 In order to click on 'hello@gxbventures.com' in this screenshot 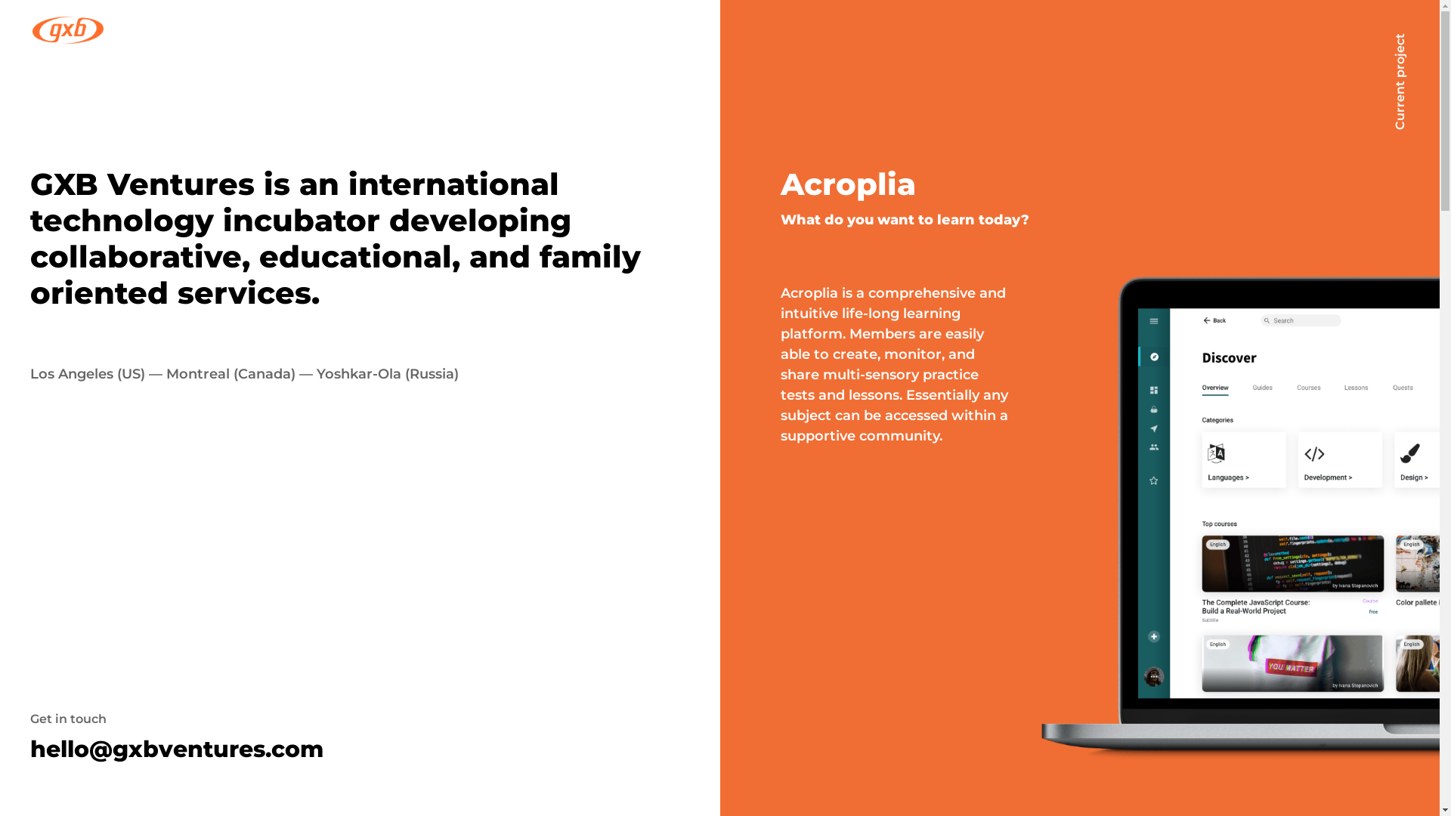, I will do `click(177, 749)`.